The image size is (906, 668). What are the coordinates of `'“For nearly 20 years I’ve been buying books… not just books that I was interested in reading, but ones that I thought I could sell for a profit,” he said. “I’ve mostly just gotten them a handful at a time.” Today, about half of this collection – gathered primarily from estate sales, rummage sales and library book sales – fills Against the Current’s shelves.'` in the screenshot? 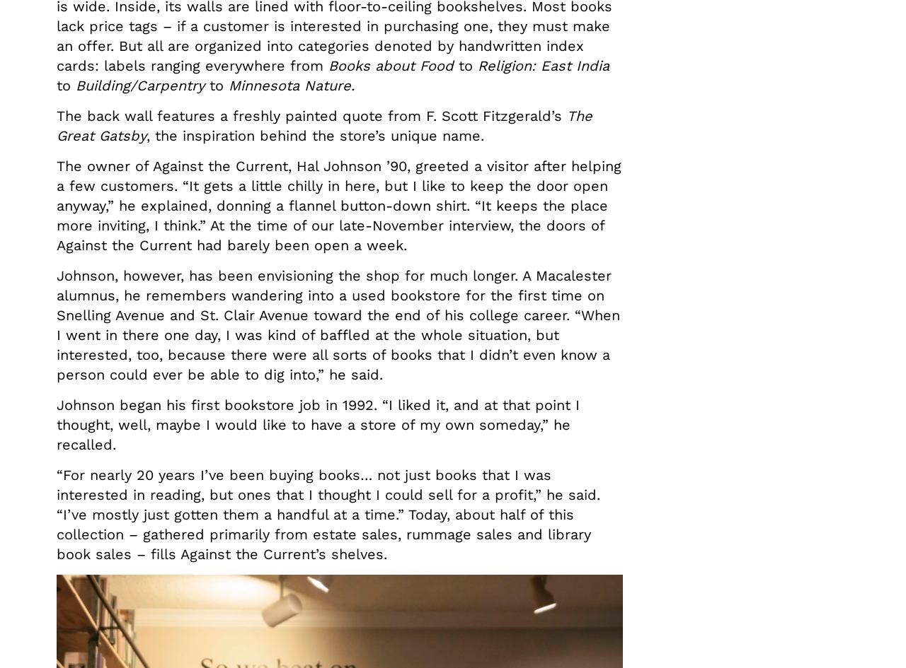 It's located at (328, 515).